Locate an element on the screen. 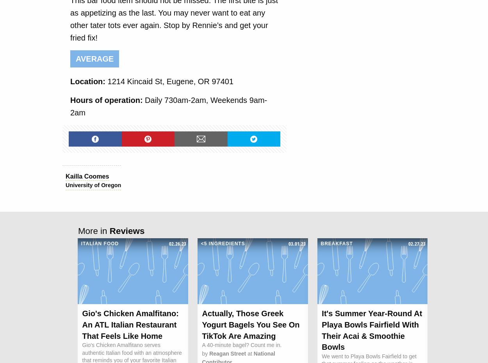  'Reagan Street' is located at coordinates (227, 353).